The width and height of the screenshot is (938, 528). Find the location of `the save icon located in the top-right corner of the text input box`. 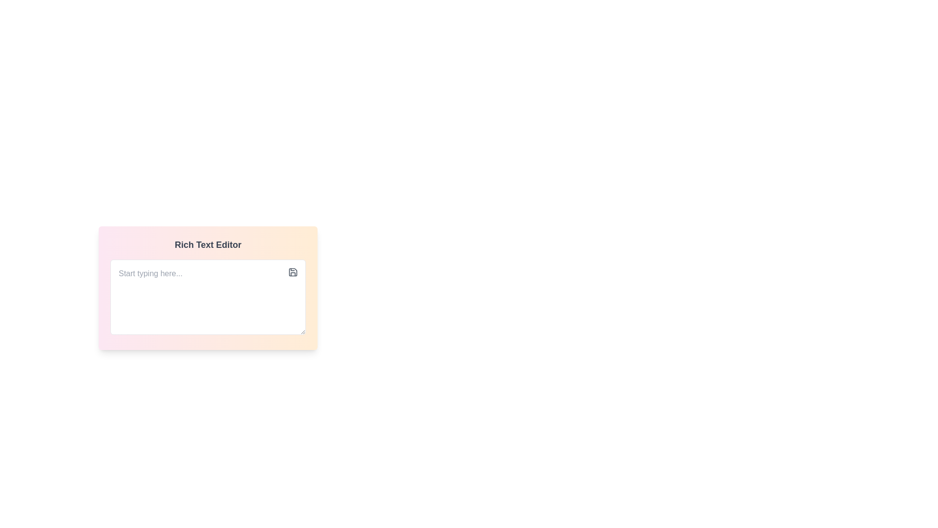

the save icon located in the top-right corner of the text input box is located at coordinates (293, 272).